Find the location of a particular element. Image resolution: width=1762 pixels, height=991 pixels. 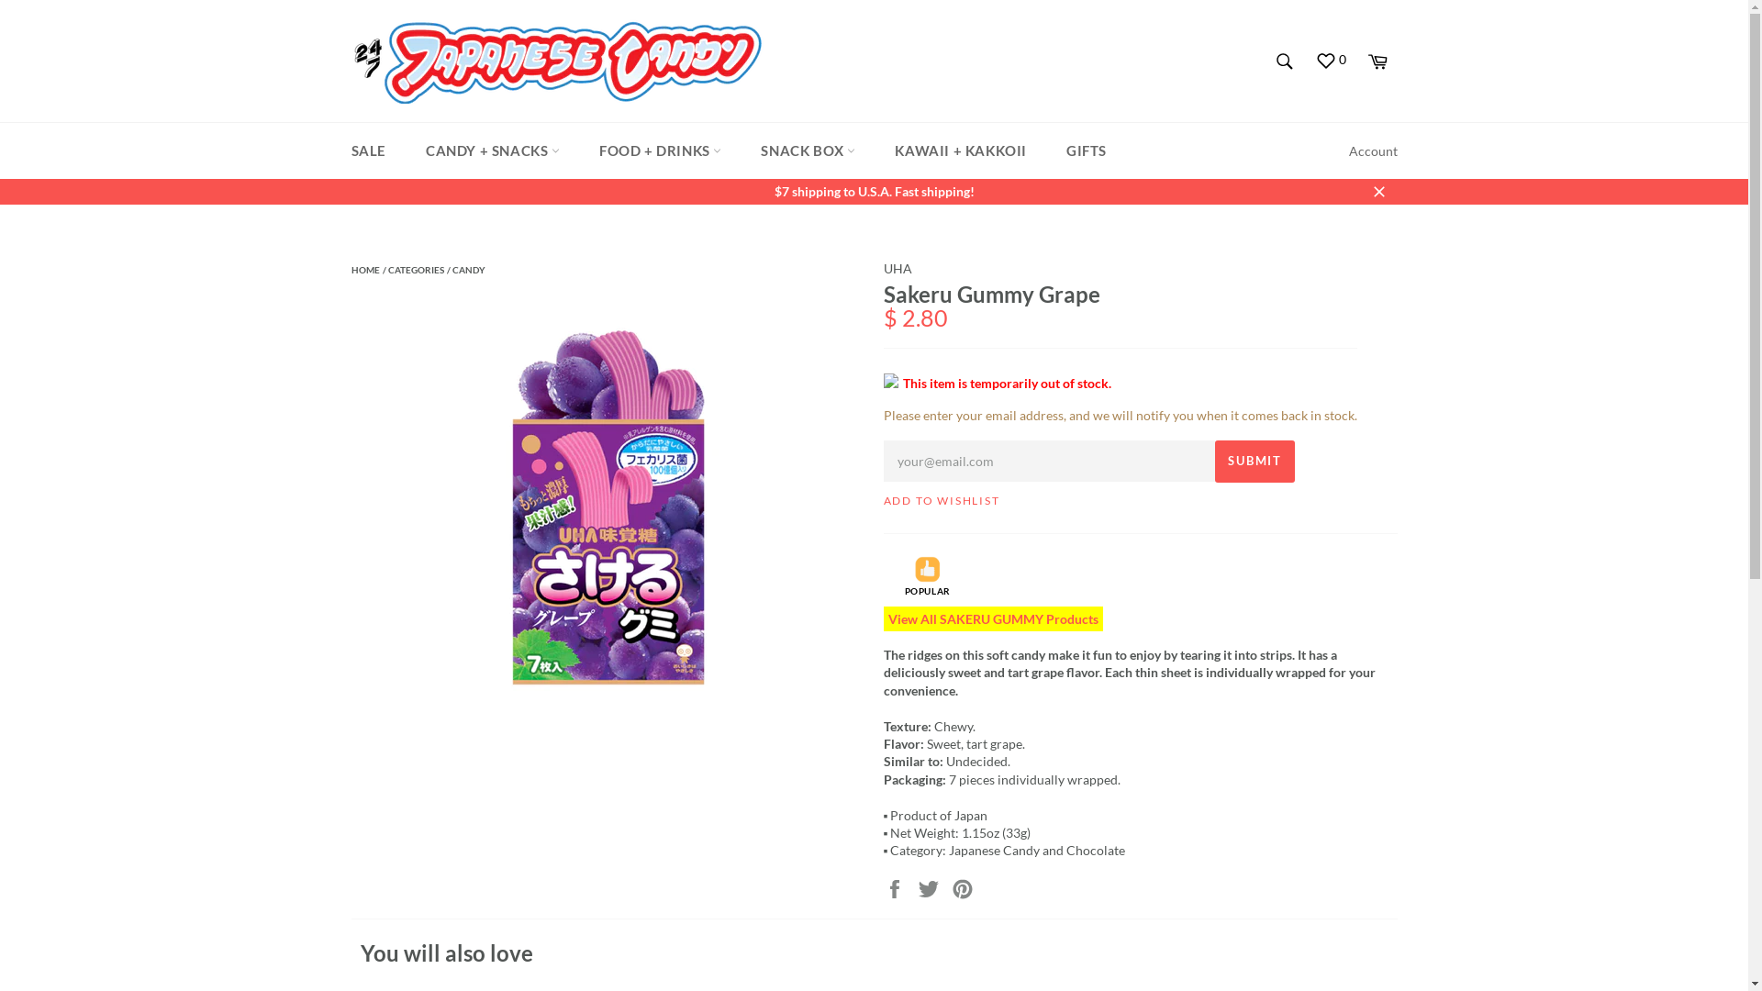

'ADD TO WISHLIST' is located at coordinates (941, 500).